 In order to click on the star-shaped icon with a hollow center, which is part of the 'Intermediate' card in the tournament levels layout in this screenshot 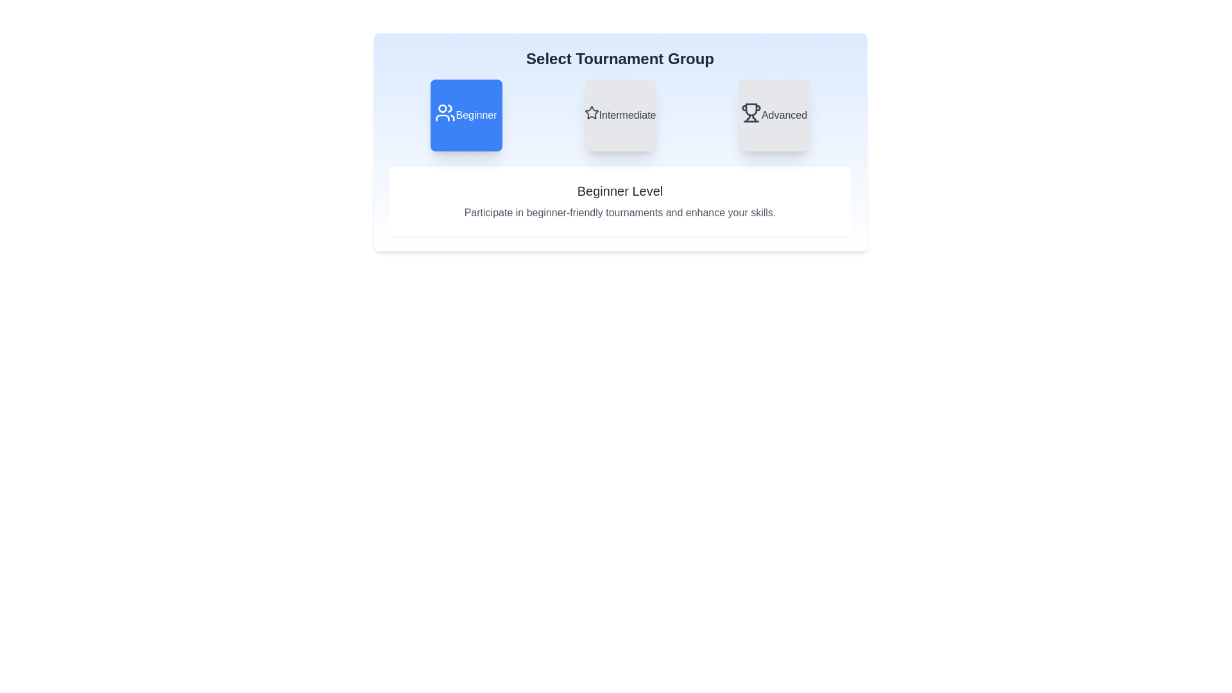, I will do `click(590, 112)`.